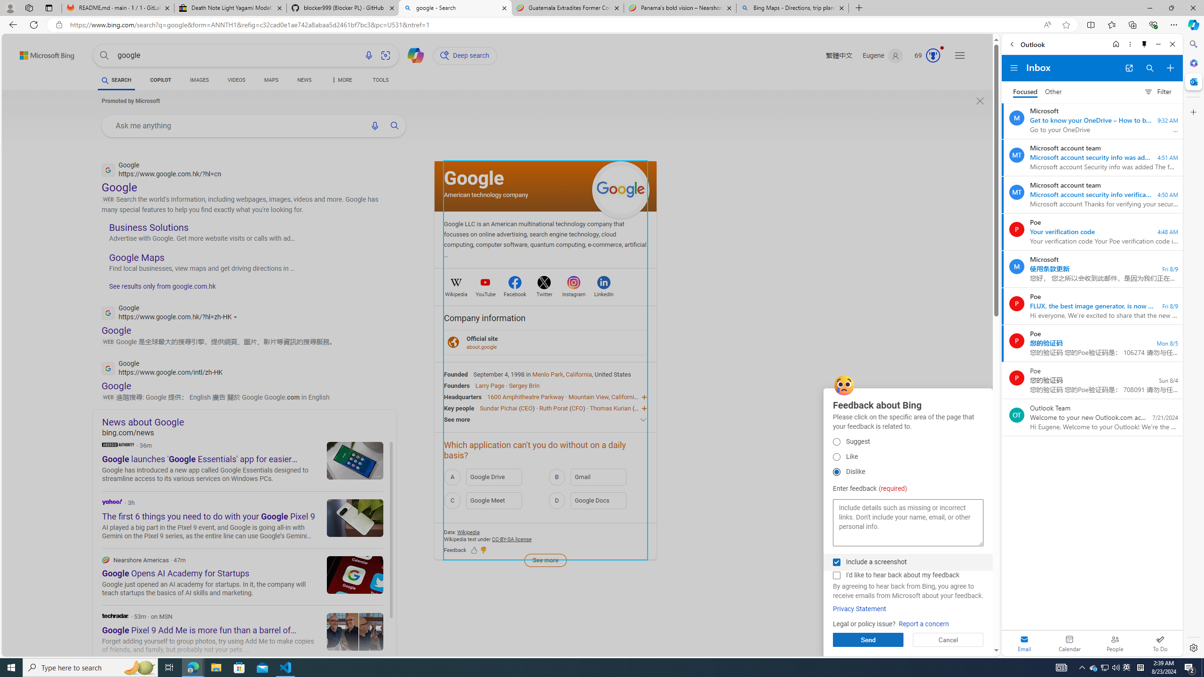  What do you see at coordinates (836, 575) in the screenshot?
I see `'I'` at bounding box center [836, 575].